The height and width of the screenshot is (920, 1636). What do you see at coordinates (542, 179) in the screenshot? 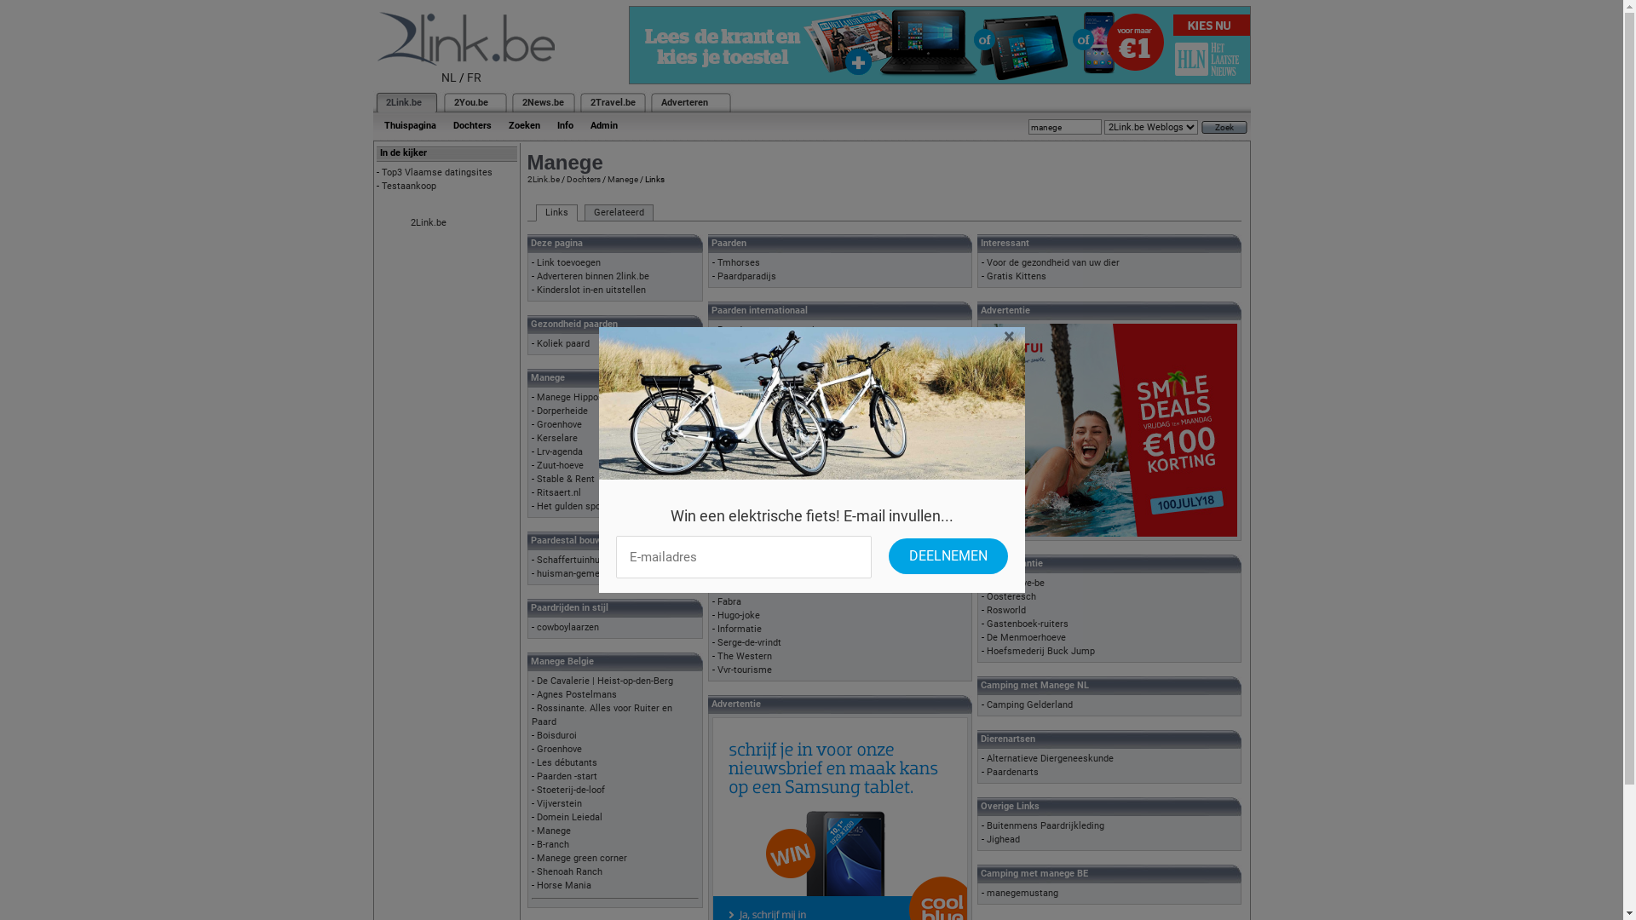
I see `'2Link.be'` at bounding box center [542, 179].